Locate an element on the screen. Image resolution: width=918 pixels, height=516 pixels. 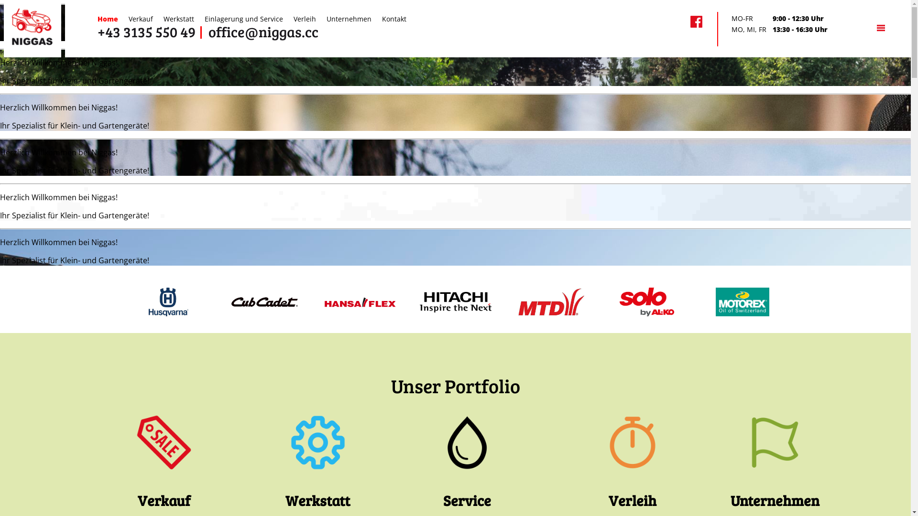
'Verkauf' is located at coordinates (140, 19).